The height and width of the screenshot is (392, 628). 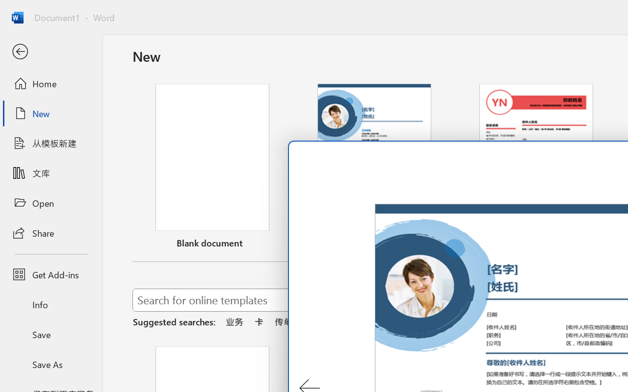 What do you see at coordinates (51, 304) in the screenshot?
I see `'Info'` at bounding box center [51, 304].